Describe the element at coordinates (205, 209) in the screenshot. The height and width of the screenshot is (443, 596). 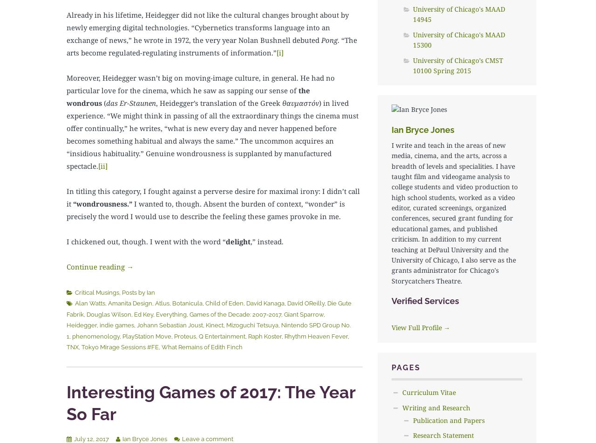
I see `'I wanted to, though. Absent the burden of context, “wonder” is precisely the word I would use to describe the feeling these games provoke in me.'` at that location.